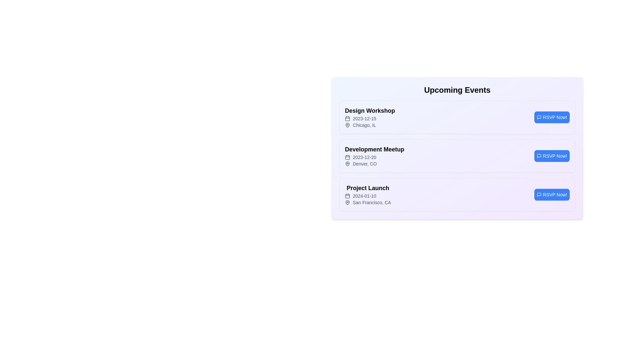 The height and width of the screenshot is (354, 629). I want to click on the metadata of the event titled Development Meetup, so click(374, 149).